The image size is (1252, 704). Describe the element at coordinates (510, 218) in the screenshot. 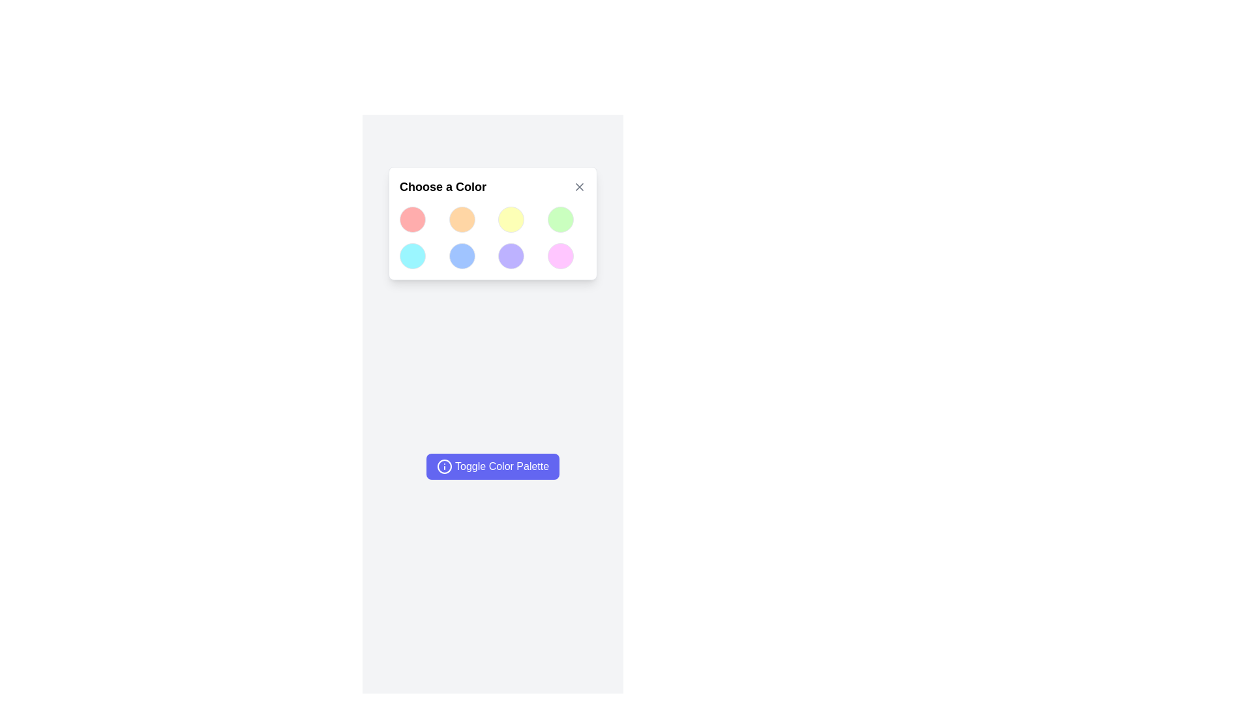

I see `the circular button with a soft yellow background that is the third item in the first row of a grid layout` at that location.